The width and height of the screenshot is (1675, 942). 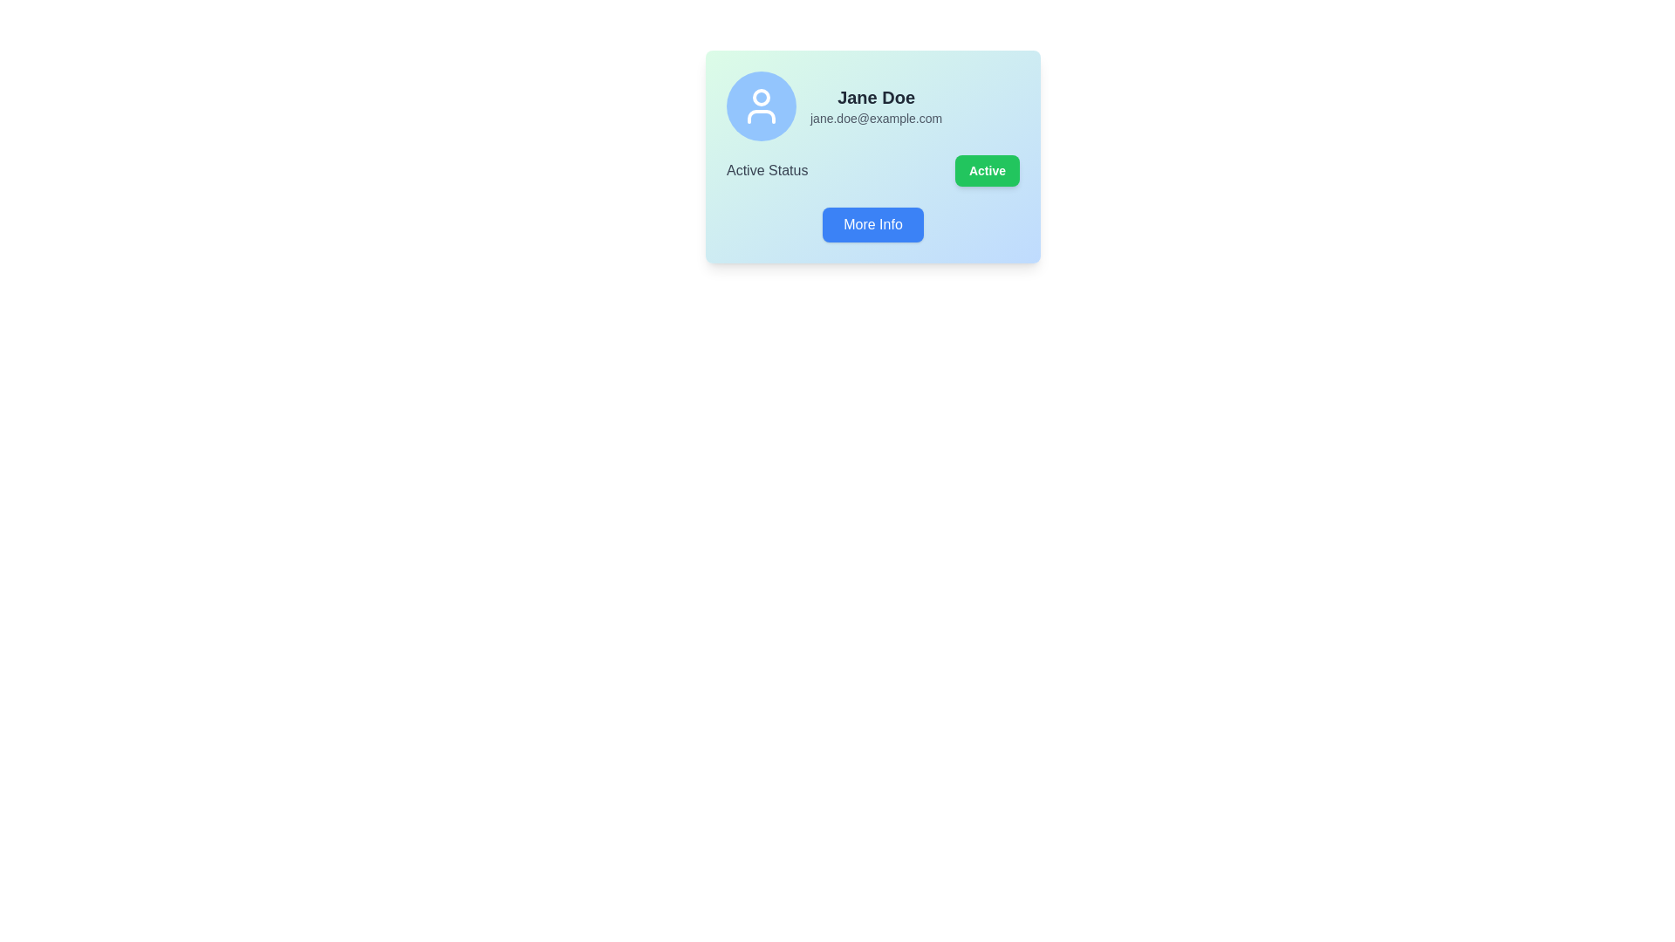 I want to click on the 'More Info' button, which is a rectangular button with rounded corners, a blue background, and white text located at the bottom center of the user information card, so click(x=873, y=224).